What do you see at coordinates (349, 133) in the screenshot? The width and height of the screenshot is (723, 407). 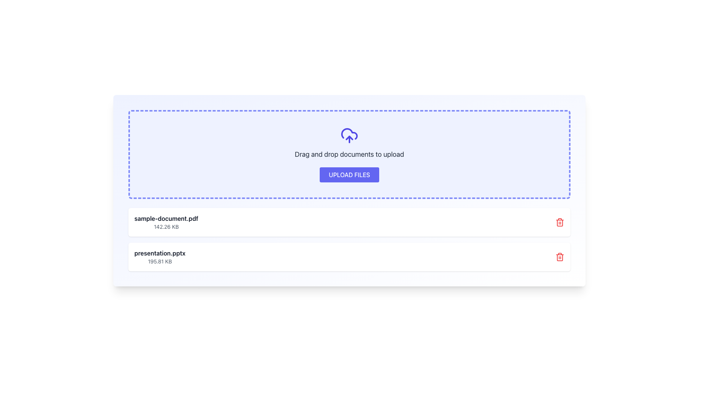 I see `the outer contour of the cloud in the upload icon, which symbolizes file upload functionality, located centrally above the 'UPLOAD FILES' button` at bounding box center [349, 133].